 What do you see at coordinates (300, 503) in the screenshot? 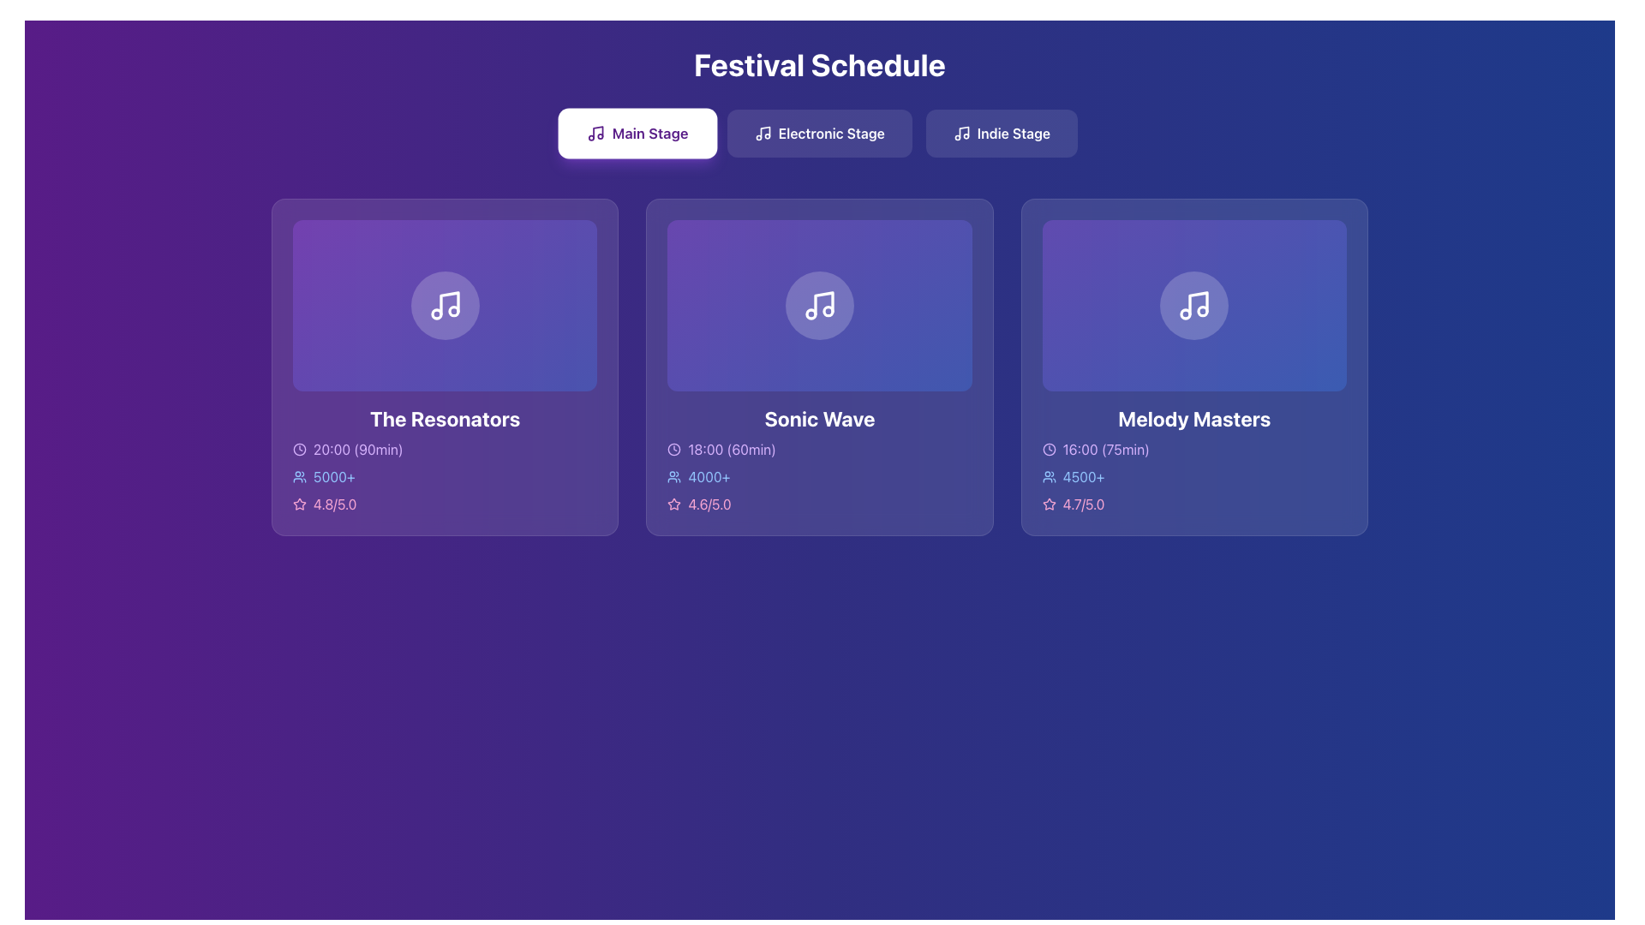
I see `the hollow star icon located at the bottom-right corner of 'The Resonators' card` at bounding box center [300, 503].